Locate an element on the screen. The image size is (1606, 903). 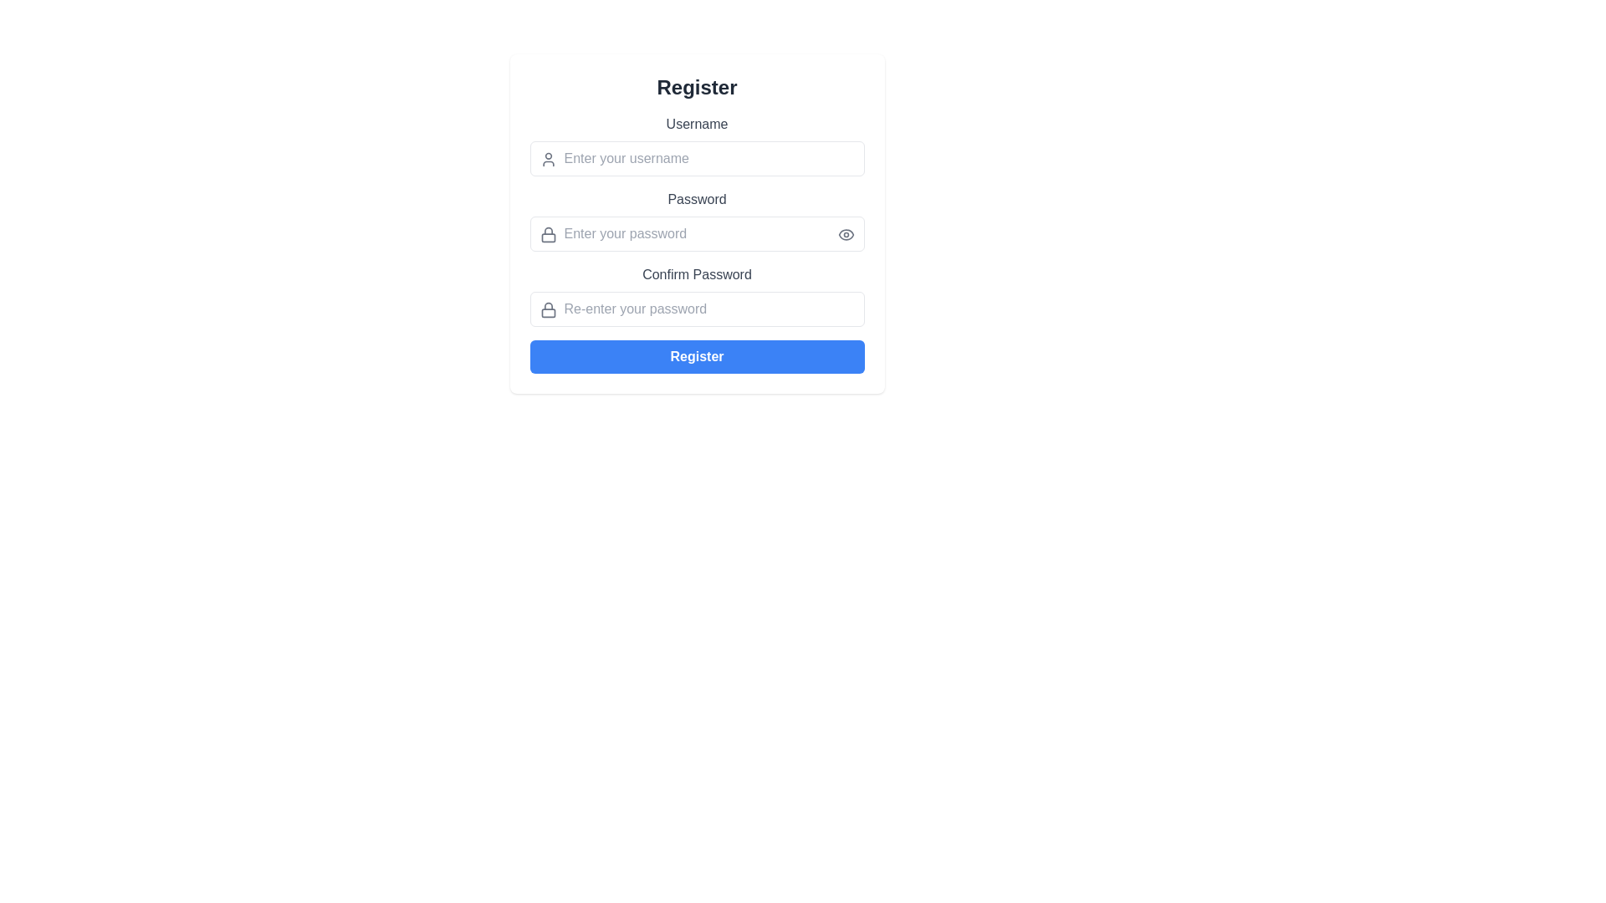
the password visibility toggle button located on the right side of the password input field is located at coordinates (846, 235).